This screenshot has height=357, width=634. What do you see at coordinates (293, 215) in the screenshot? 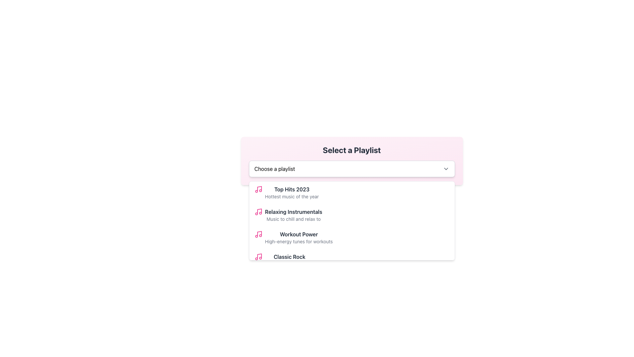
I see `the selectable playlist option titled 'Relaxing Instrumentals'` at bounding box center [293, 215].